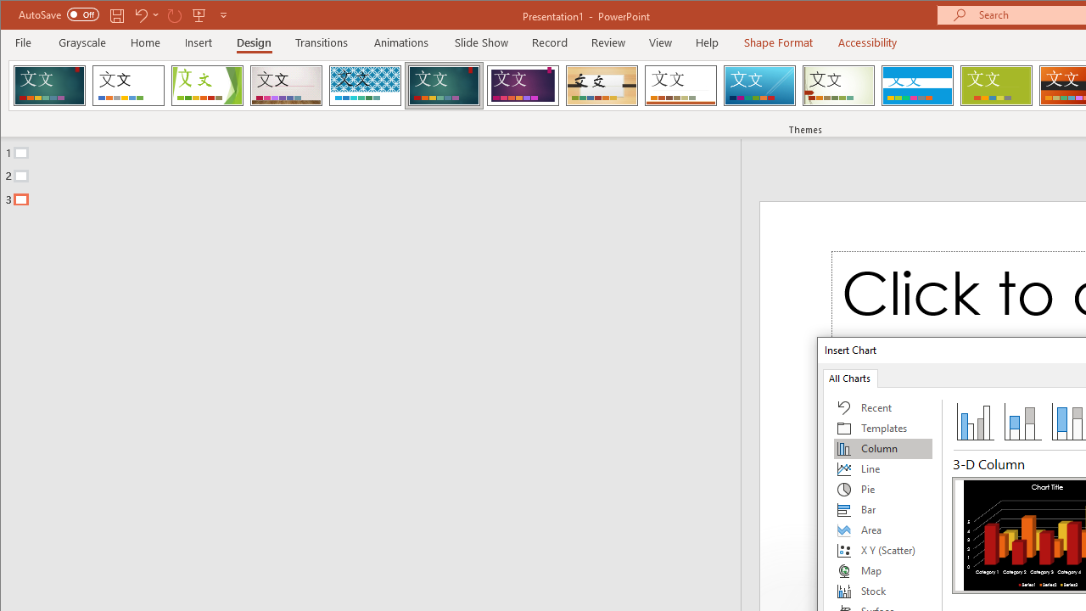  Describe the element at coordinates (882, 490) in the screenshot. I see `'Pie'` at that location.